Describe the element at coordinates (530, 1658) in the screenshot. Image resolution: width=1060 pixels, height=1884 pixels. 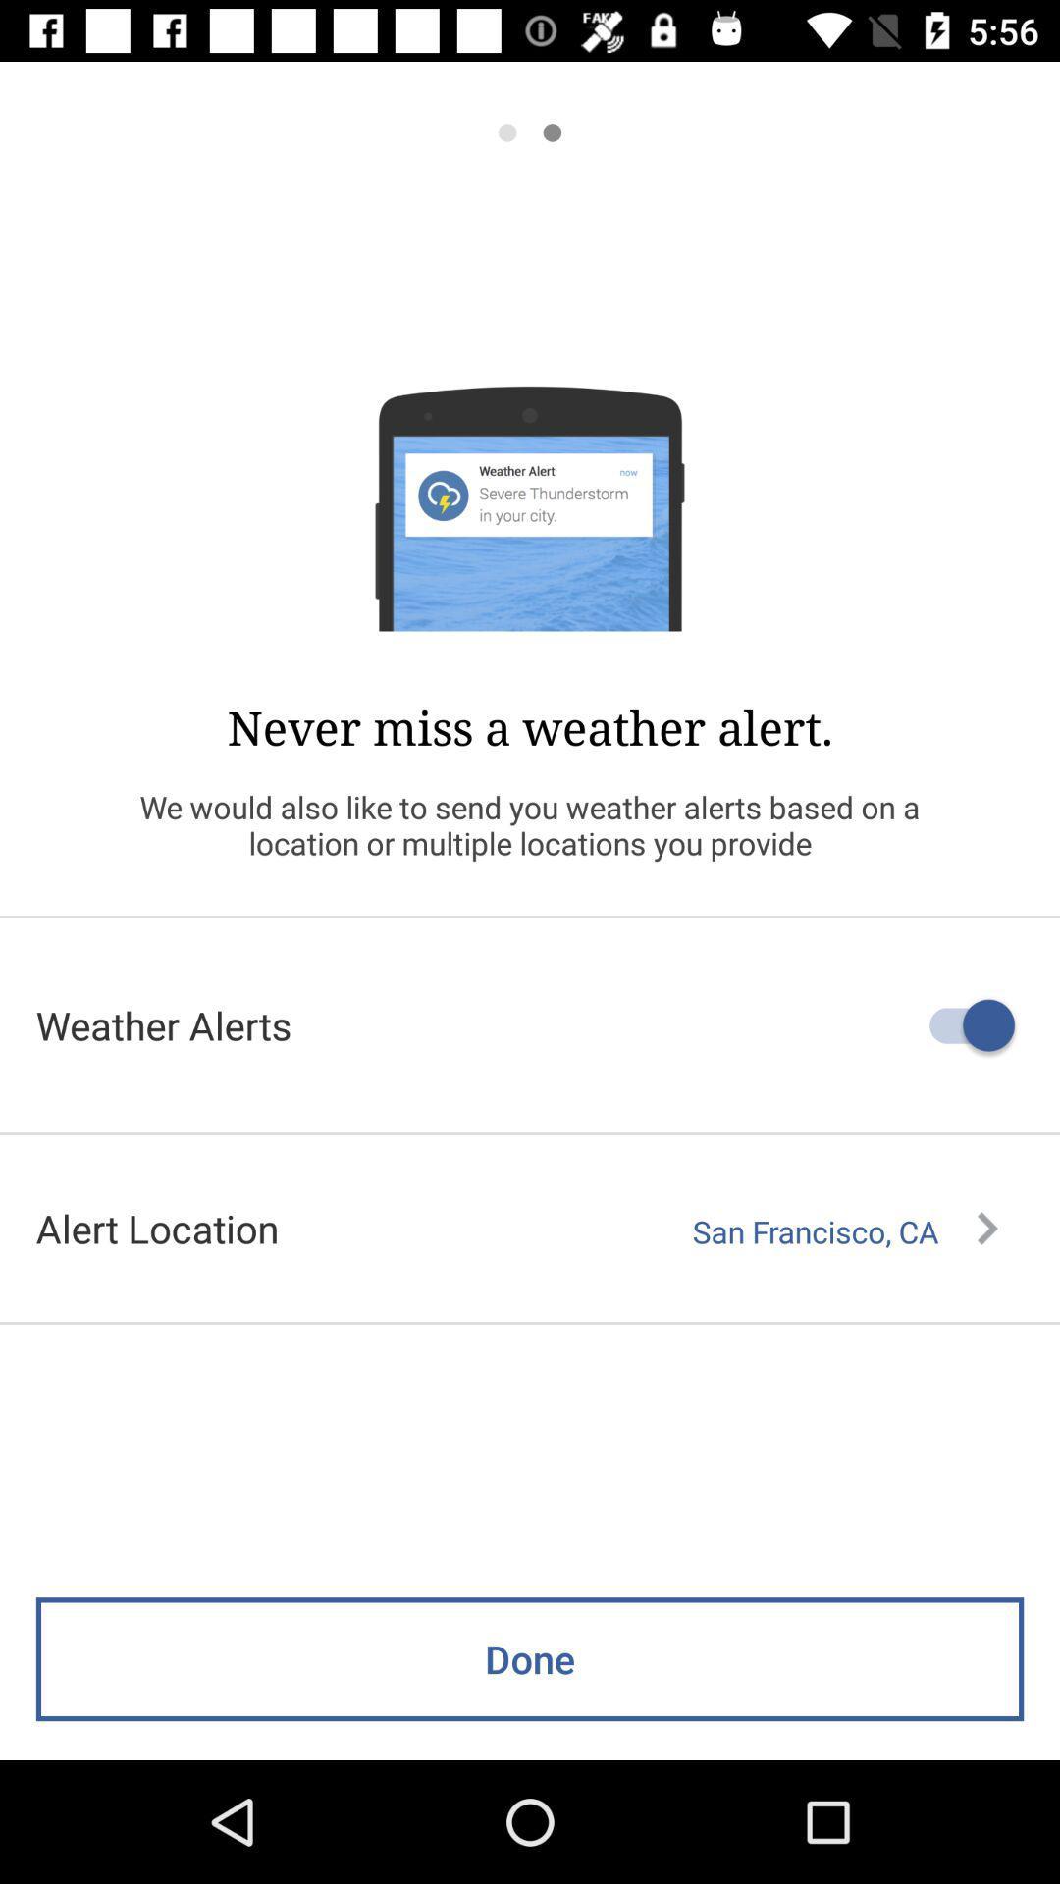
I see `the done` at that location.